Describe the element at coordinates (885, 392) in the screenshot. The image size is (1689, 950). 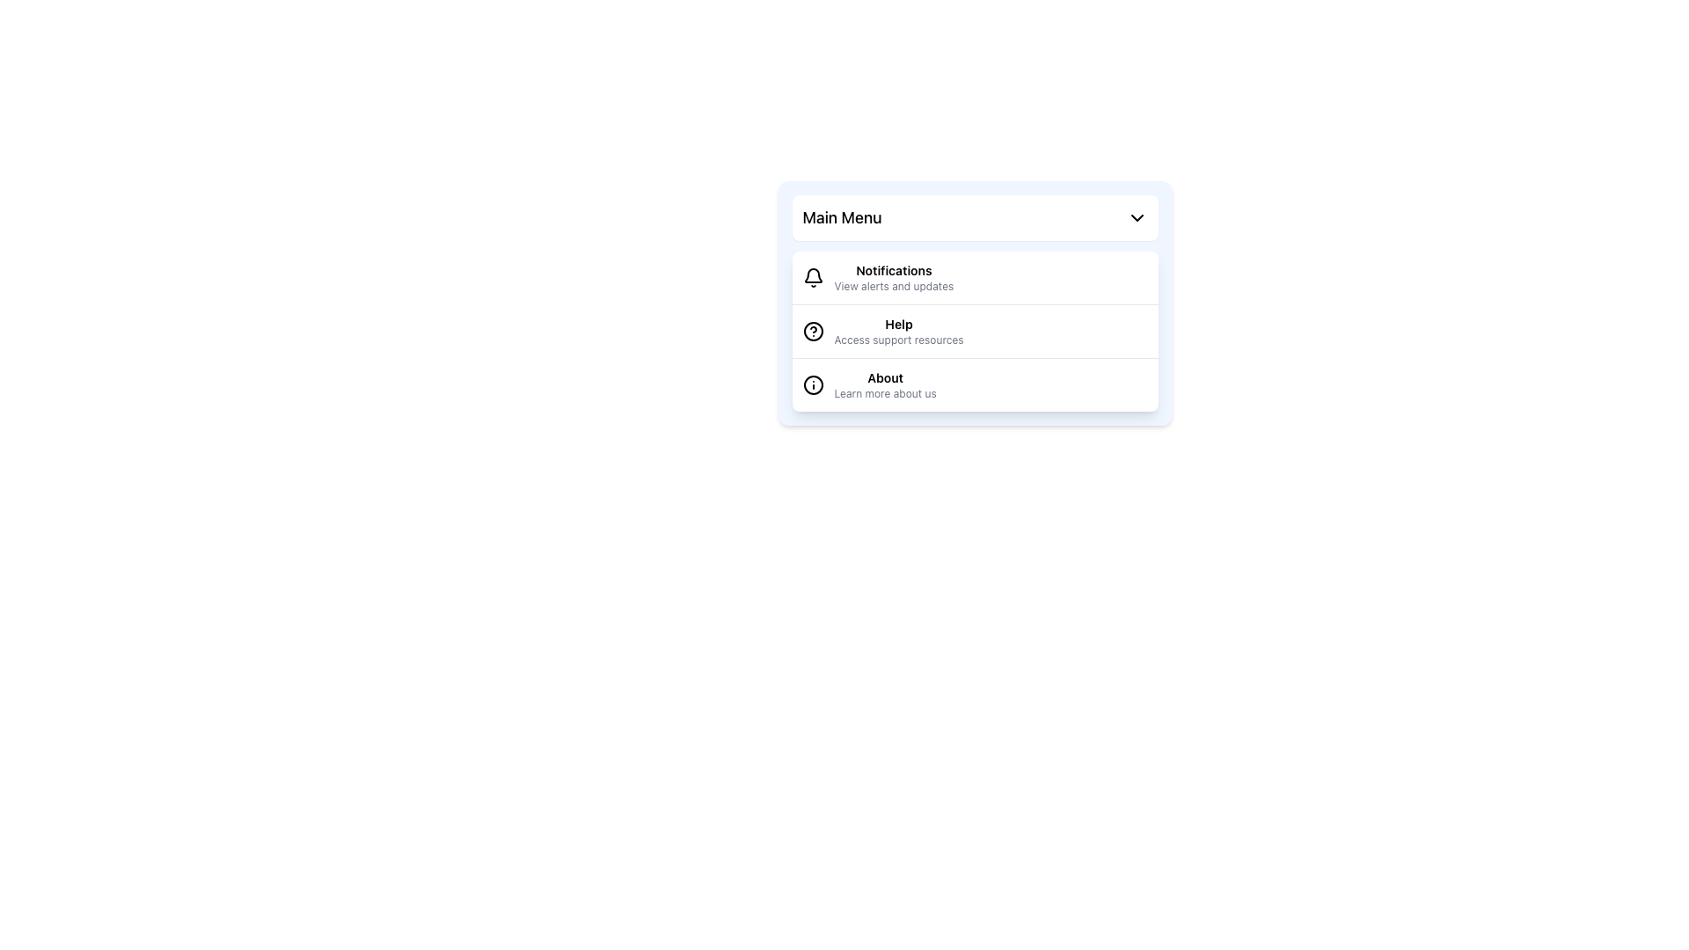
I see `the descriptive text label located in the bottom-right corner of the 'About' section within the 'Main Menu' dropdown, situated below the bold 'About' label` at that location.